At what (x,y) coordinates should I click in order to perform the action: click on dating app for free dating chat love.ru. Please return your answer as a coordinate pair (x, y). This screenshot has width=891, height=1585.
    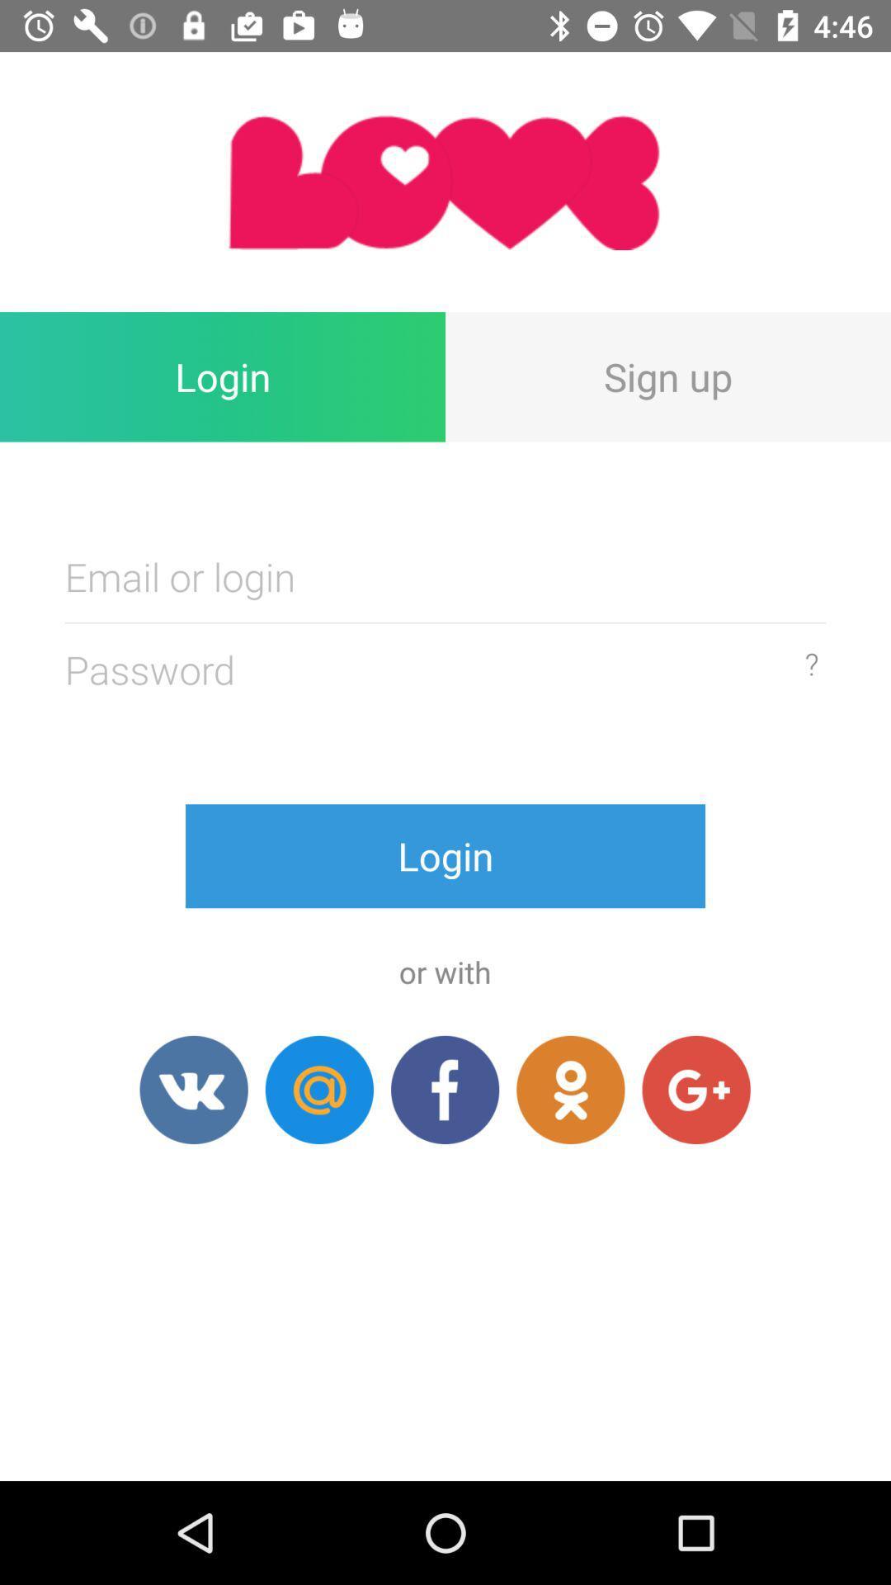
    Looking at the image, I should click on (193, 1090).